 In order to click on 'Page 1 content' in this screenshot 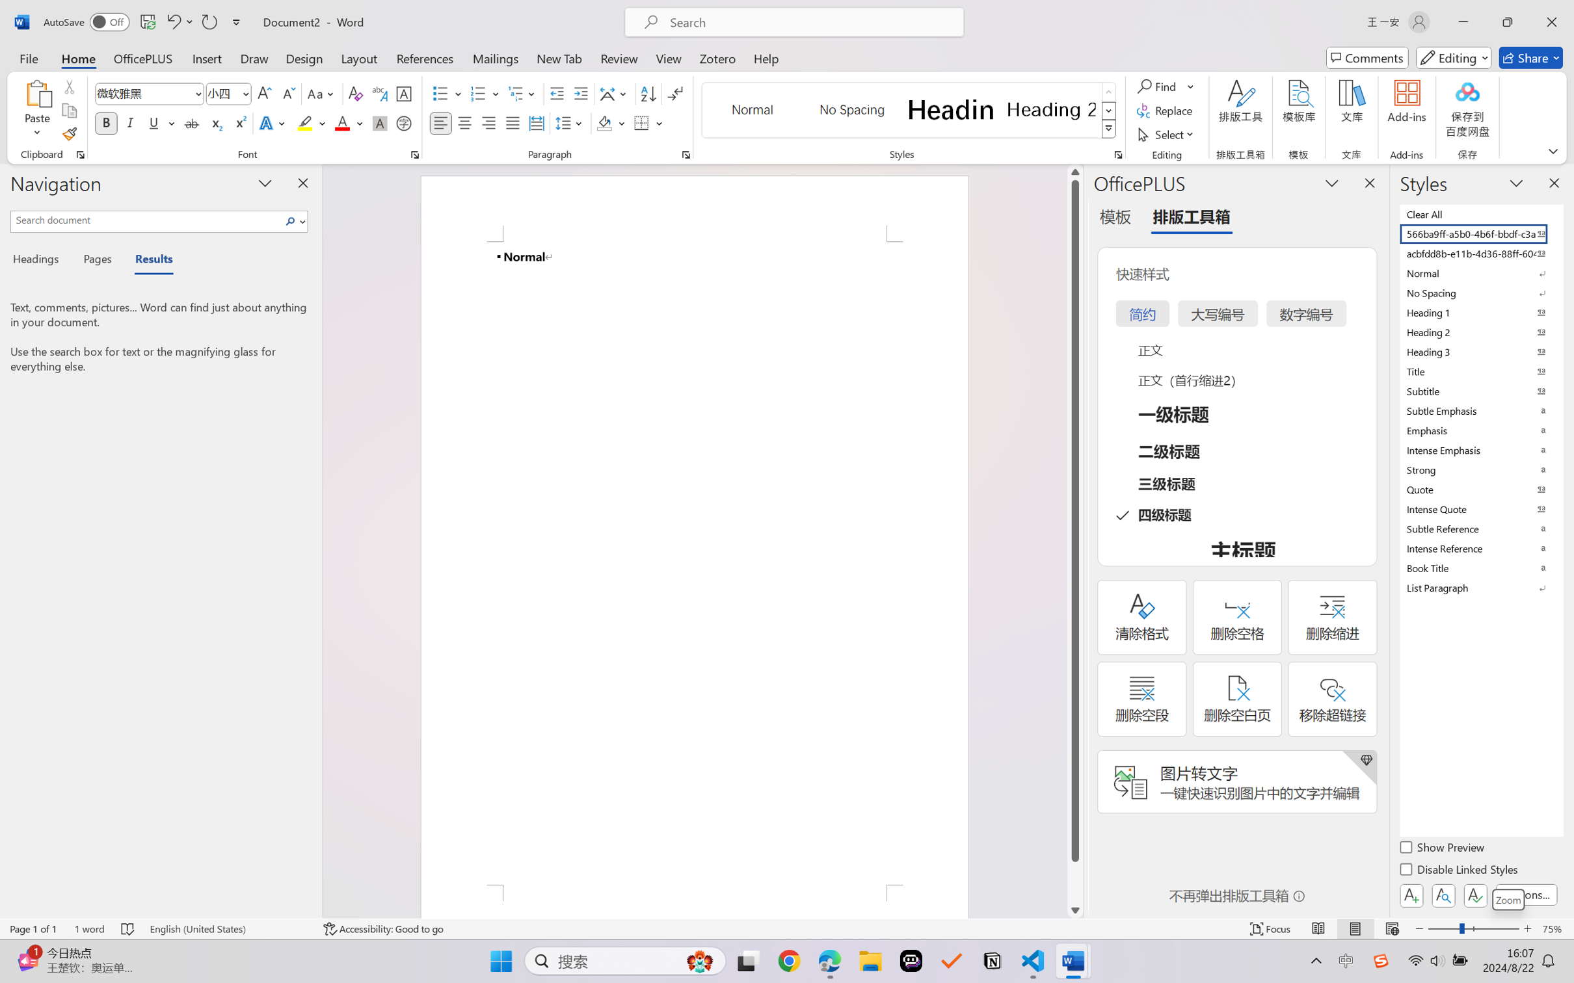, I will do `click(694, 563)`.